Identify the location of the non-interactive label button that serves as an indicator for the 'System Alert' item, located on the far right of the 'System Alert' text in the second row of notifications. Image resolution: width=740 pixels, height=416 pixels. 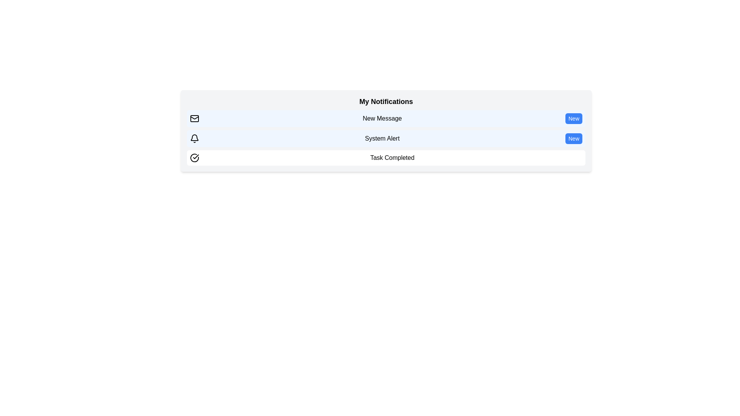
(573, 138).